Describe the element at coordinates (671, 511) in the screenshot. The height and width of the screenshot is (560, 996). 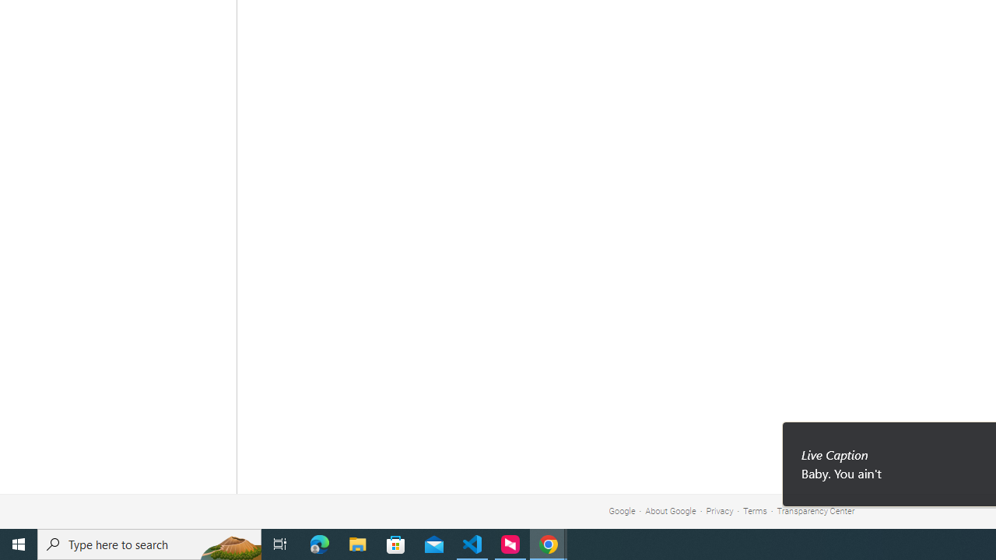
I see `'About Google'` at that location.